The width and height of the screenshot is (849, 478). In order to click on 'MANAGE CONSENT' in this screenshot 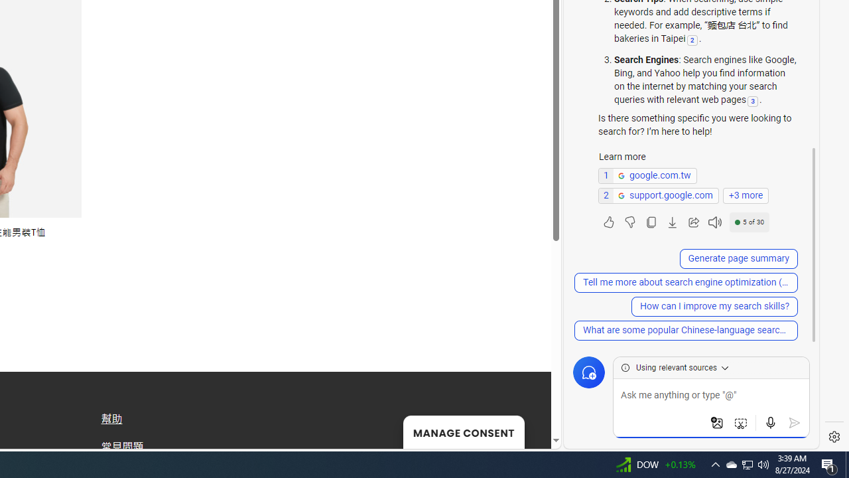, I will do `click(463, 432)`.